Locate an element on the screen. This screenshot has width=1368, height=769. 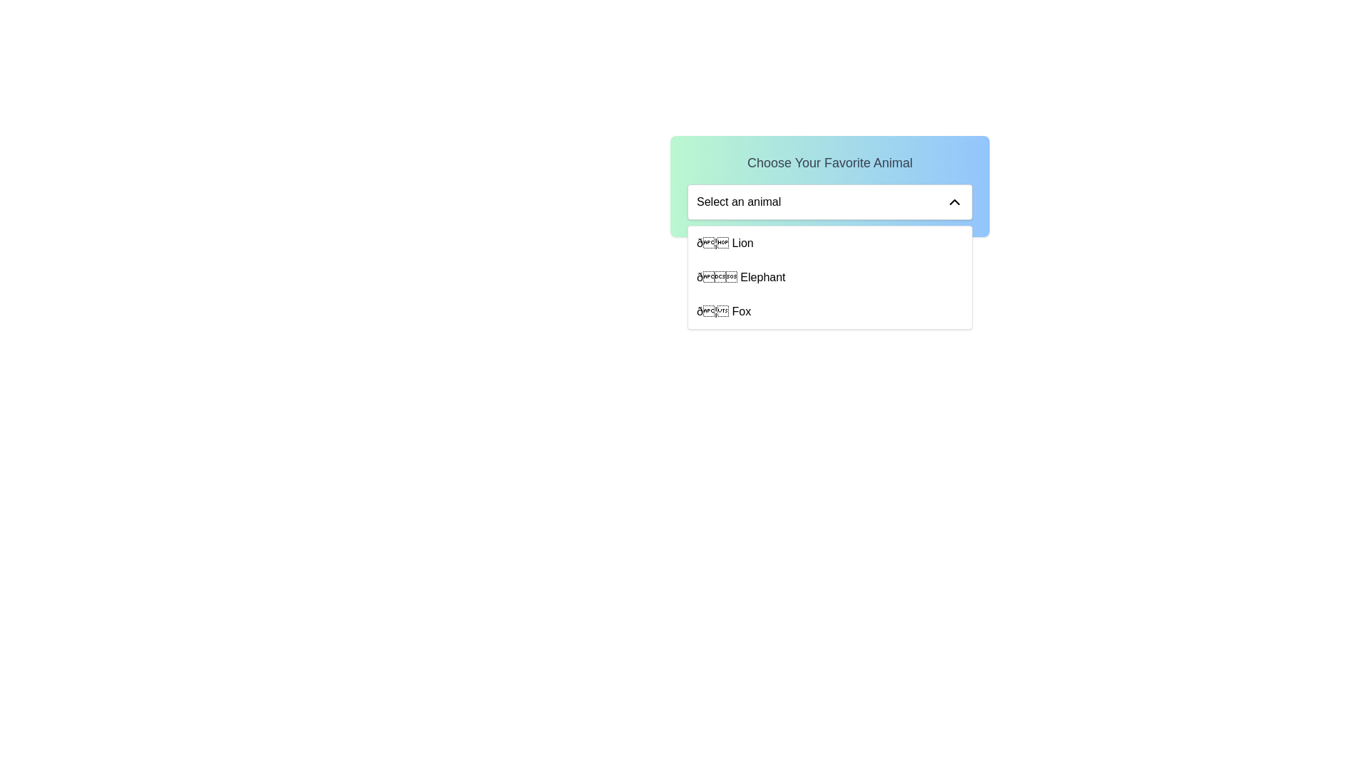
the dropdown menu option labeled '🦊 Fox' is located at coordinates (724, 311).